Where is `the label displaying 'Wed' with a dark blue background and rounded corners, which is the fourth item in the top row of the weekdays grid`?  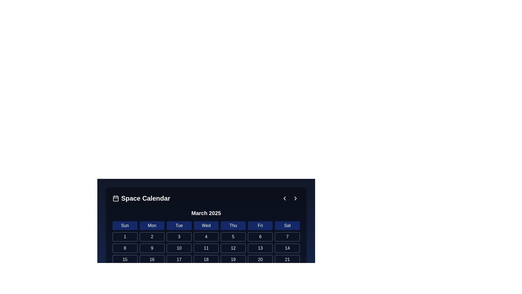
the label displaying 'Wed' with a dark blue background and rounded corners, which is the fourth item in the top row of the weekdays grid is located at coordinates (206, 226).